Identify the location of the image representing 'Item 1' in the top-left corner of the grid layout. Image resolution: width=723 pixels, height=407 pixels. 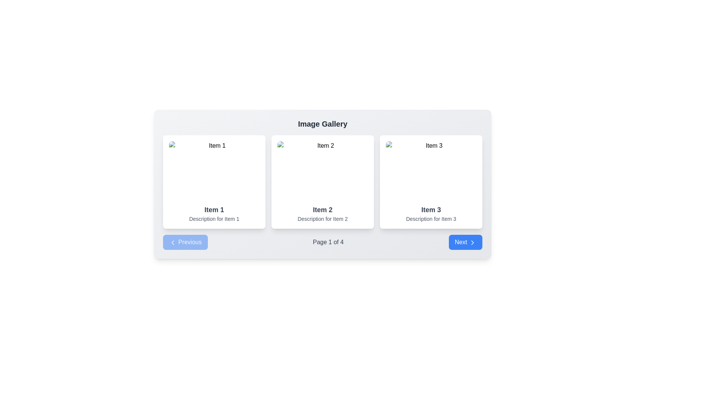
(214, 171).